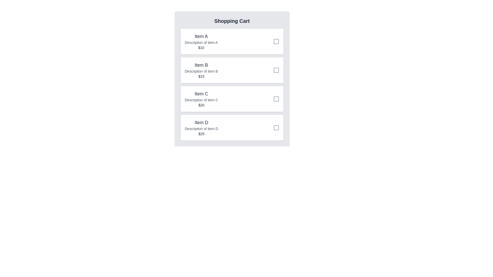  What do you see at coordinates (201, 42) in the screenshot?
I see `text block that says 'Description of item A', which is styled in gray color and located between 'Item A' and the price '$10' in the shopping cart interface` at bounding box center [201, 42].